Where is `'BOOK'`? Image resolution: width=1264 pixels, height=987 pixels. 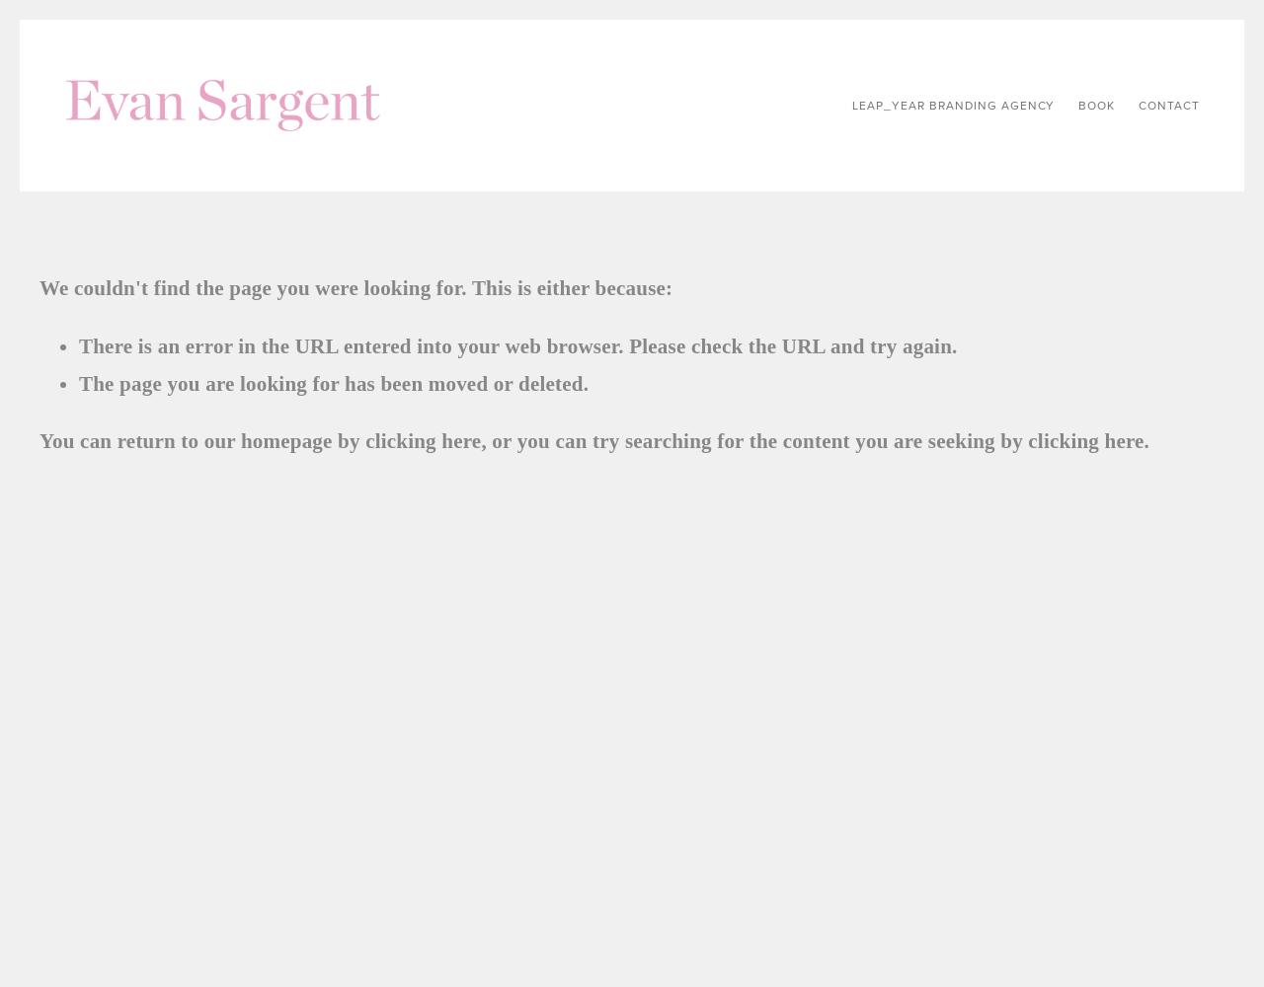
'BOOK' is located at coordinates (1095, 105).